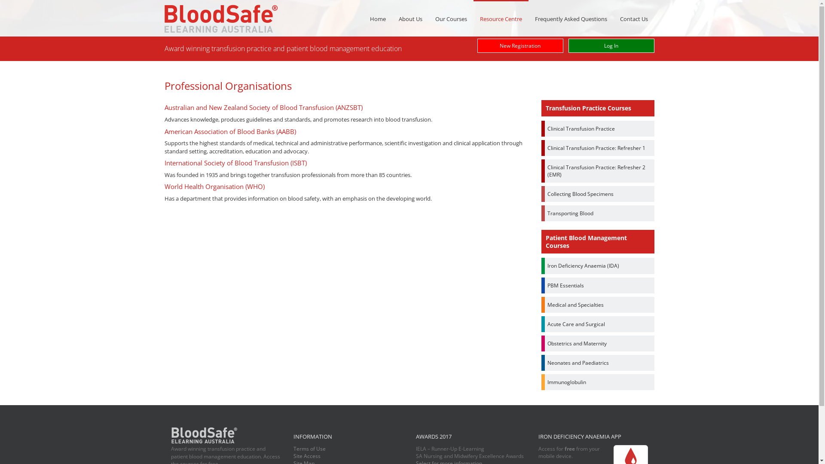 Image resolution: width=825 pixels, height=464 pixels. What do you see at coordinates (597, 128) in the screenshot?
I see `'Clinical Transfusion Practice'` at bounding box center [597, 128].